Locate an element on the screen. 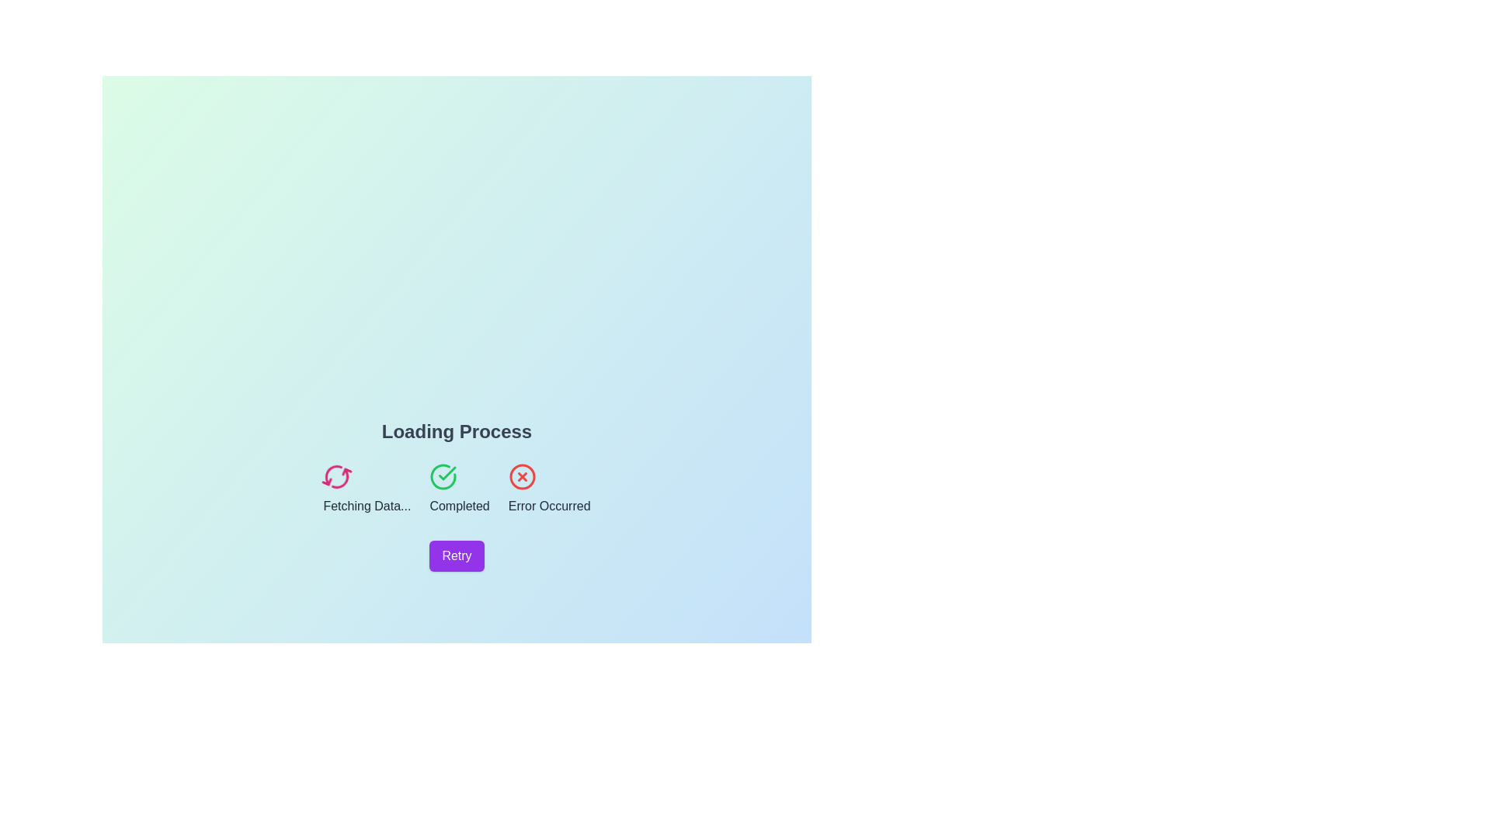  the 'Retry' button located at the bottom-middle section of the layout is located at coordinates (456, 555).